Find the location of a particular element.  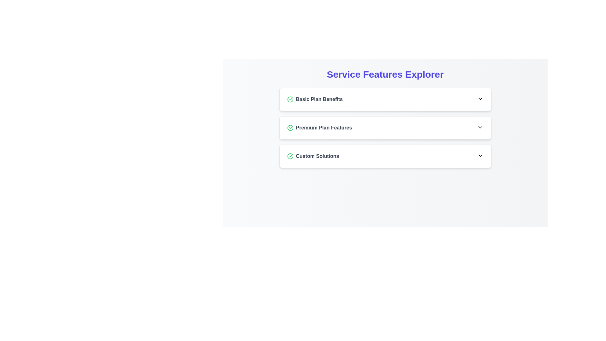

the toggle indicator icon at the rightmost end of the 'Custom Solutions' row in the 'Service Features Explorer' section is located at coordinates (480, 156).